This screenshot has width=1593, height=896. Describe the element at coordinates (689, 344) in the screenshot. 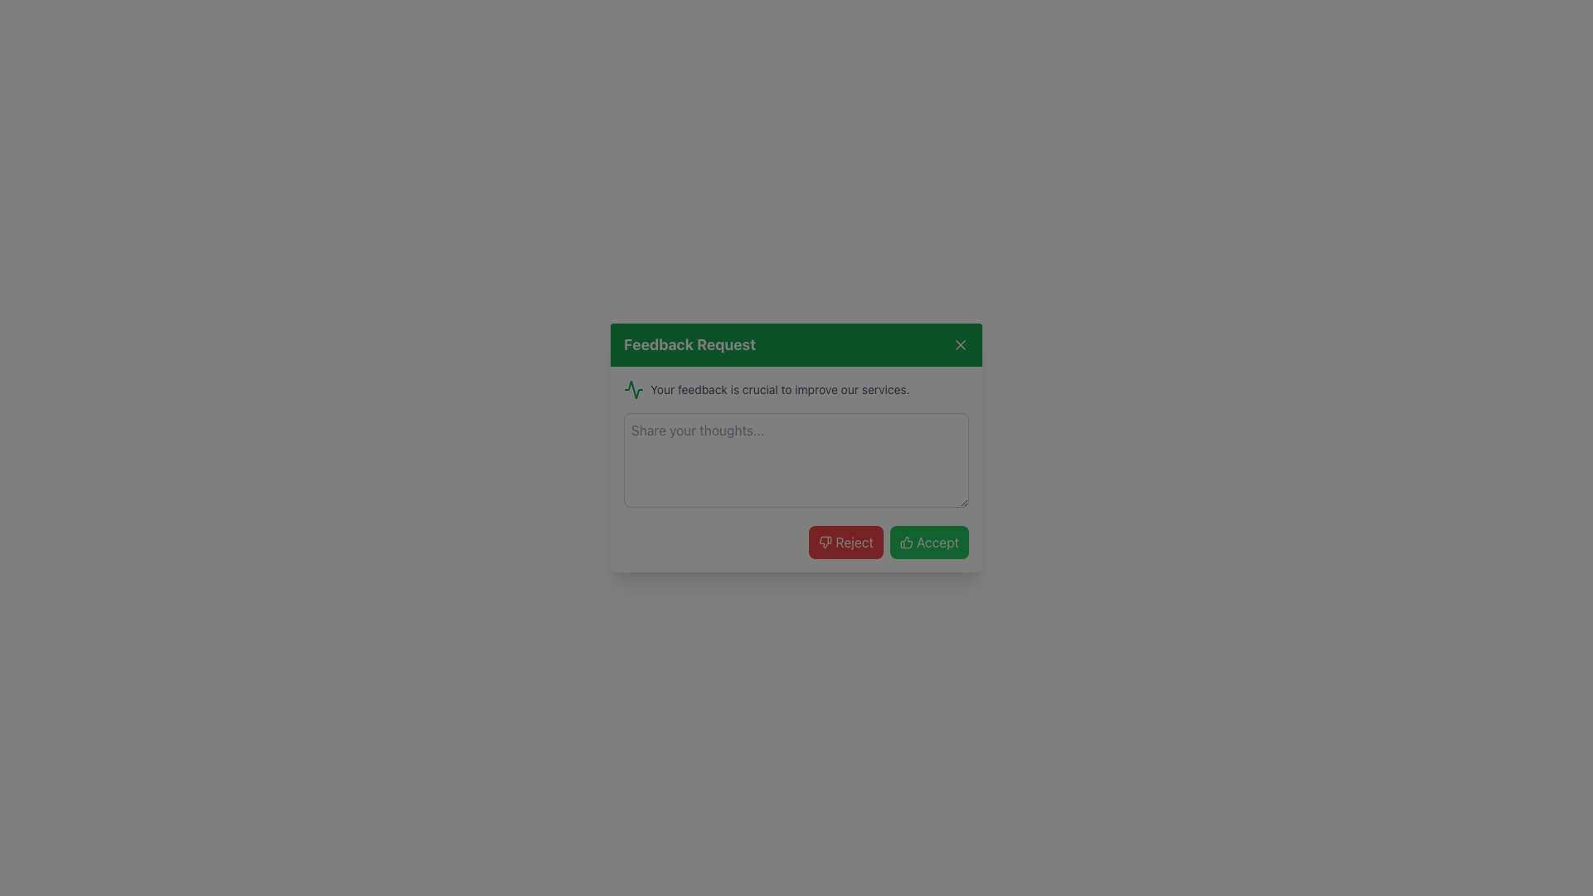

I see `the bold, large-sized text 'Feedback Request' located in the top green bar of the feedback form` at that location.